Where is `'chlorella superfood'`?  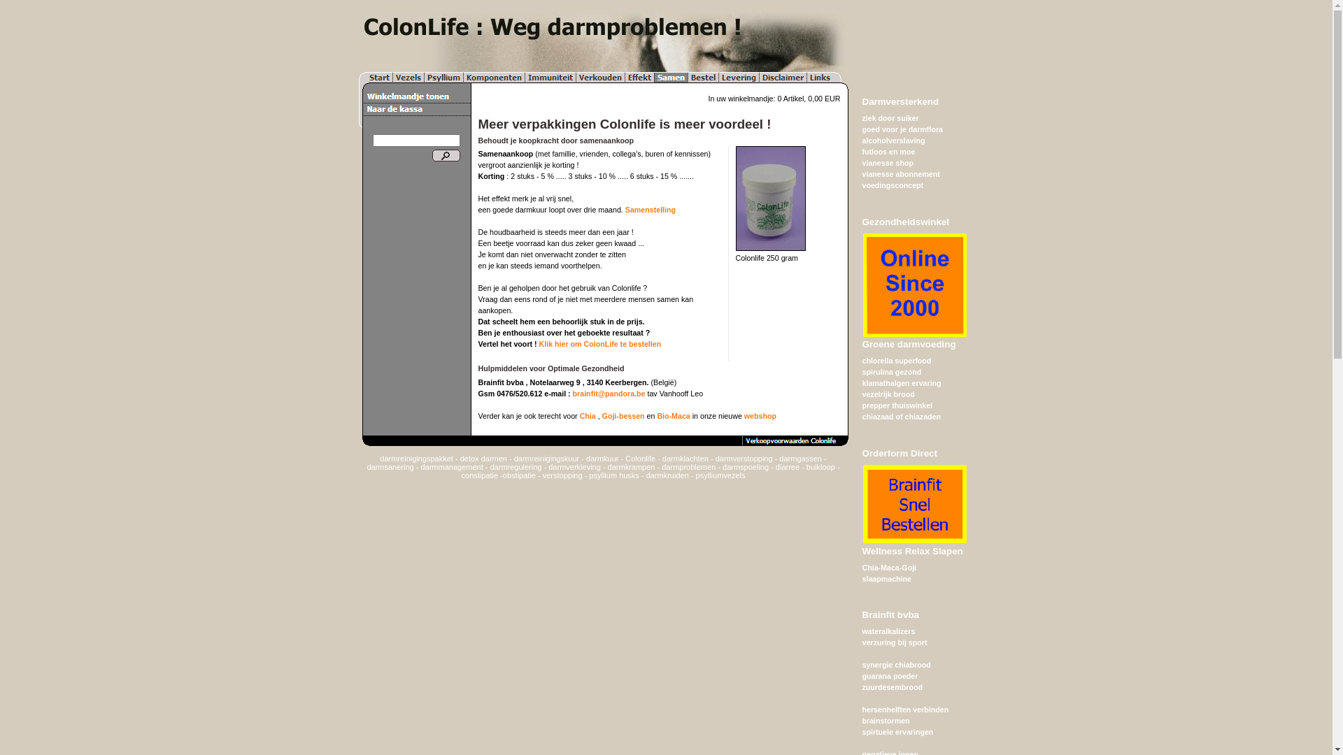 'chlorella superfood' is located at coordinates (861, 360).